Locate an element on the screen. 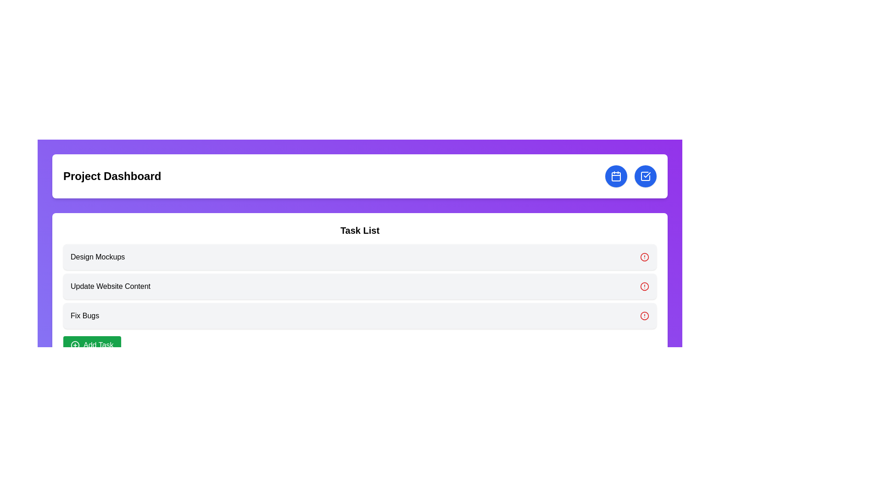 The height and width of the screenshot is (496, 881). the bold text label reading 'Project Dashboard', which is styled in a large font size and has a black font color, located on the left-hand side of the top section of the webpage is located at coordinates (112, 176).